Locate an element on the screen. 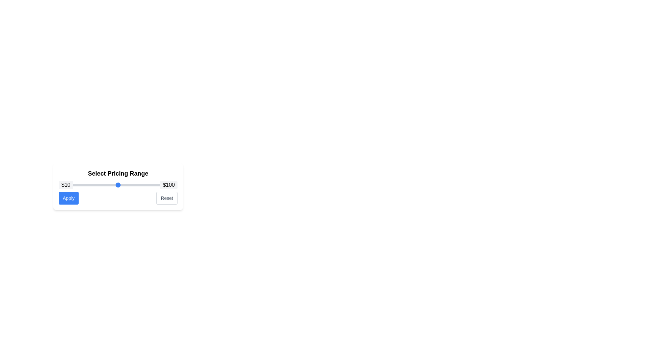  price slider is located at coordinates (157, 185).